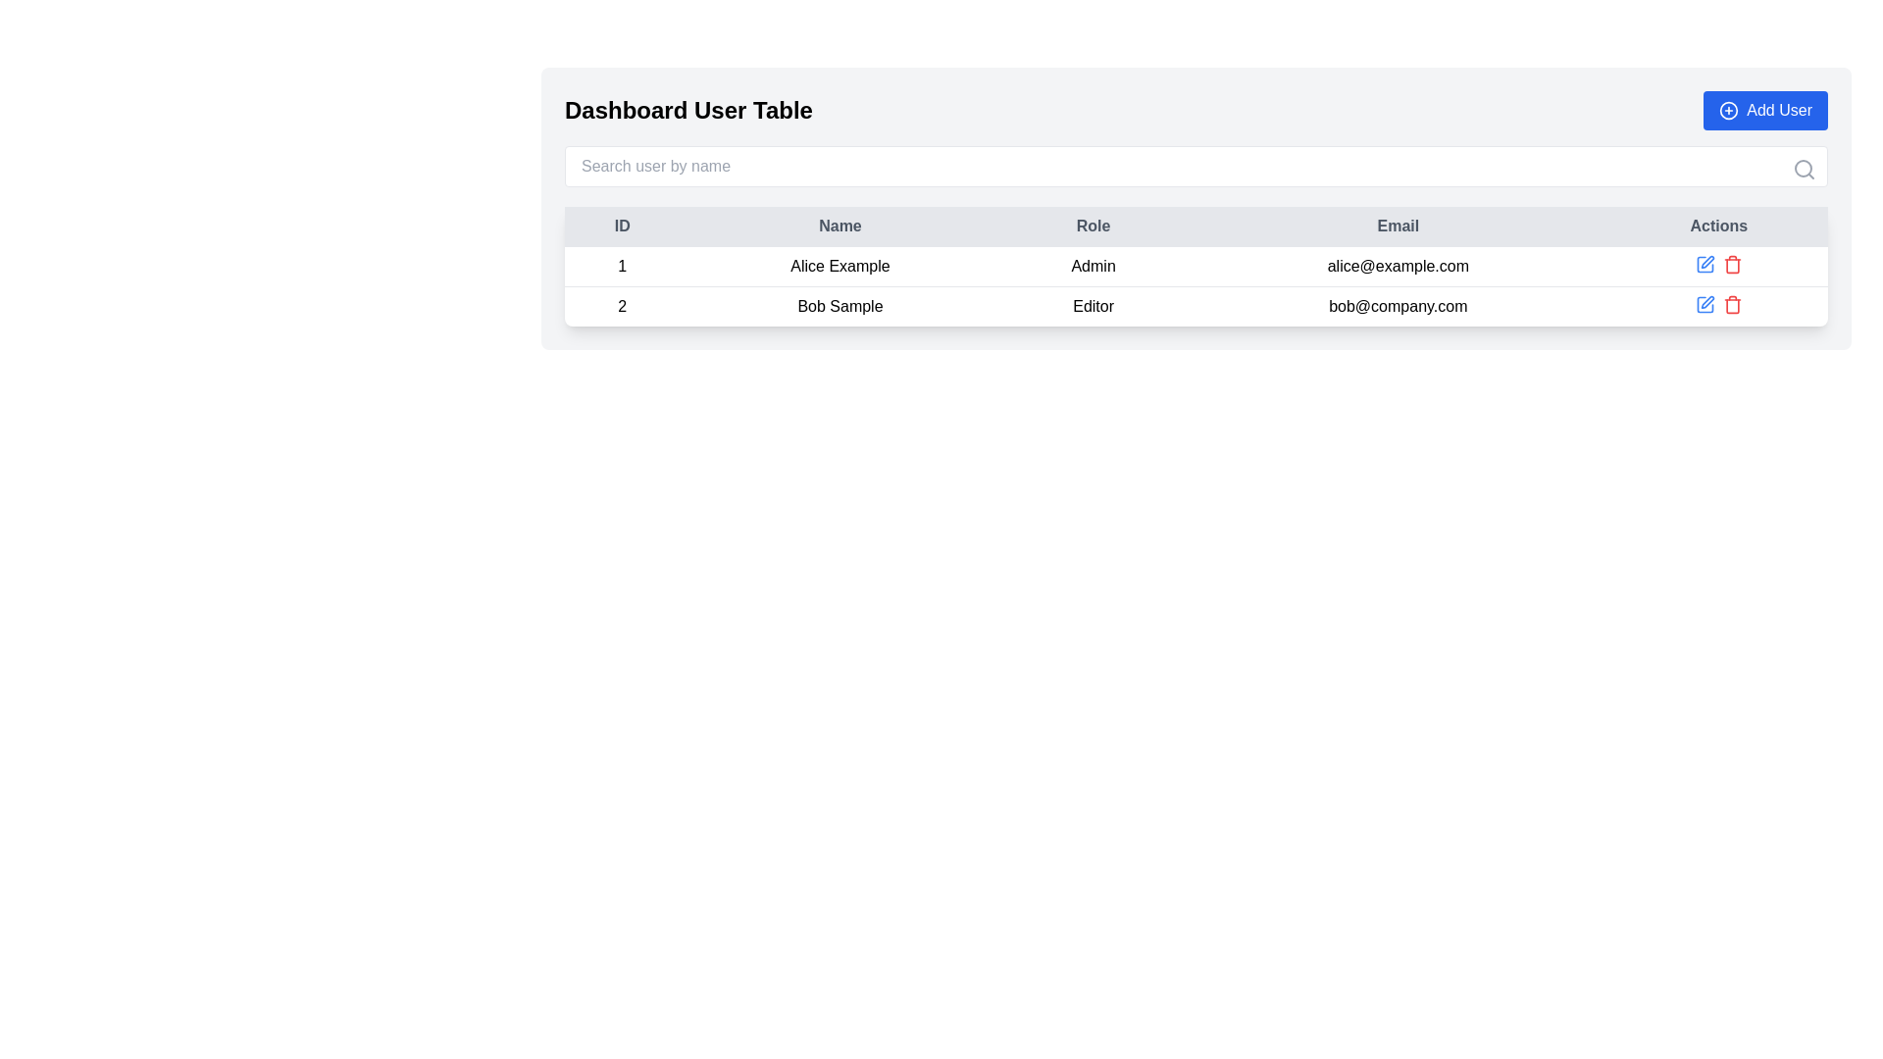 The image size is (1883, 1059). What do you see at coordinates (840, 226) in the screenshot?
I see `the 'Name' text label, which is a bold header in the second cell of a table, indicating the user names column` at bounding box center [840, 226].